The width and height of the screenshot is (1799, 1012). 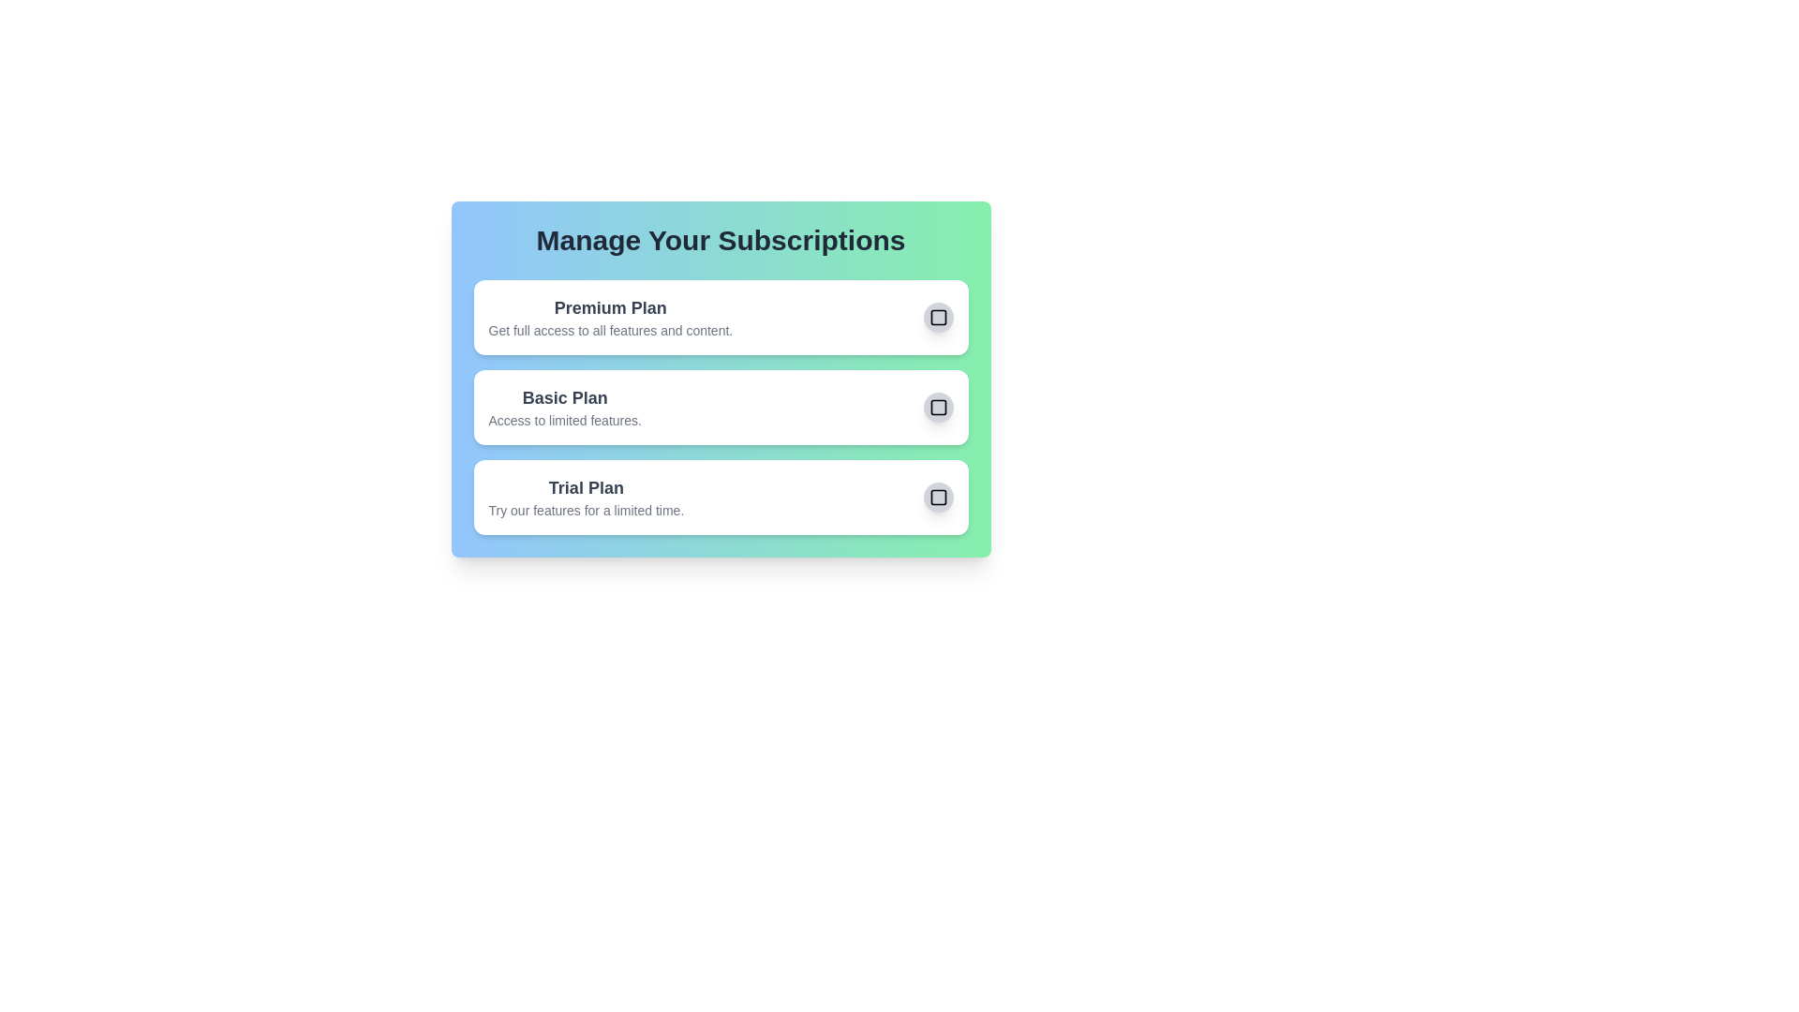 I want to click on the 'Trial Plan' subscription card located in the 'Manage Your Subscriptions' section, so click(x=720, y=497).